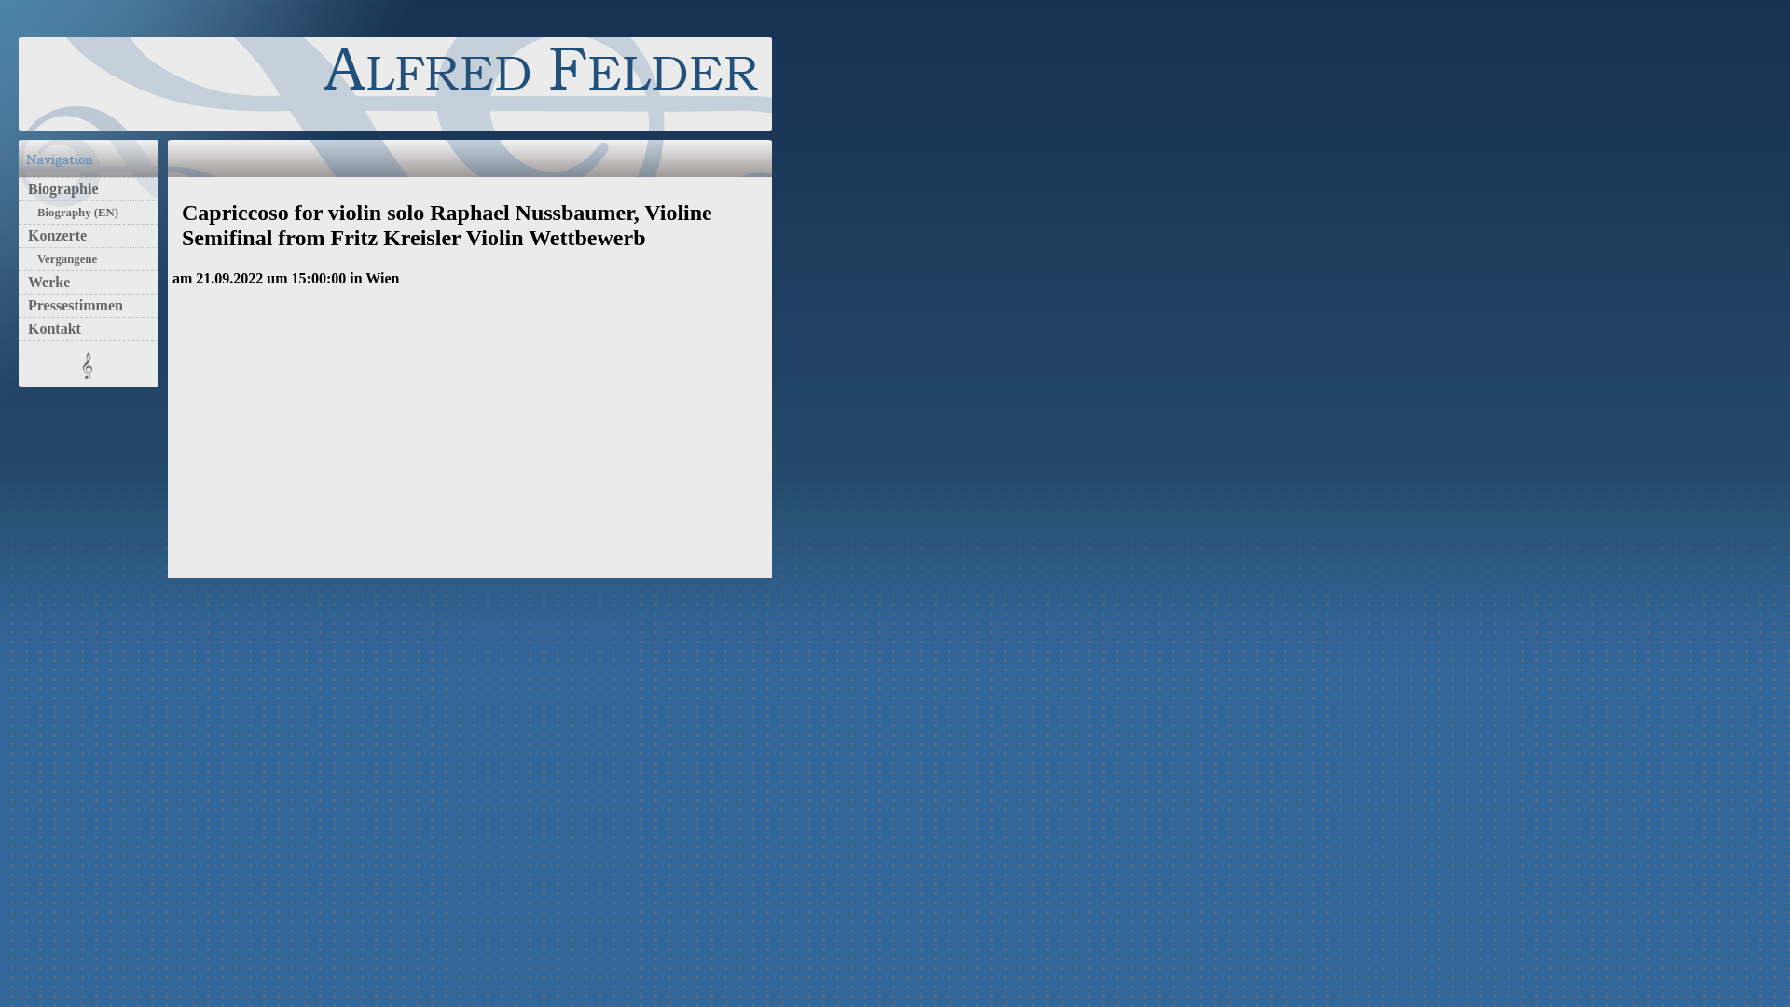 Image resolution: width=1790 pixels, height=1007 pixels. What do you see at coordinates (44, 282) in the screenshot?
I see `'Werke'` at bounding box center [44, 282].